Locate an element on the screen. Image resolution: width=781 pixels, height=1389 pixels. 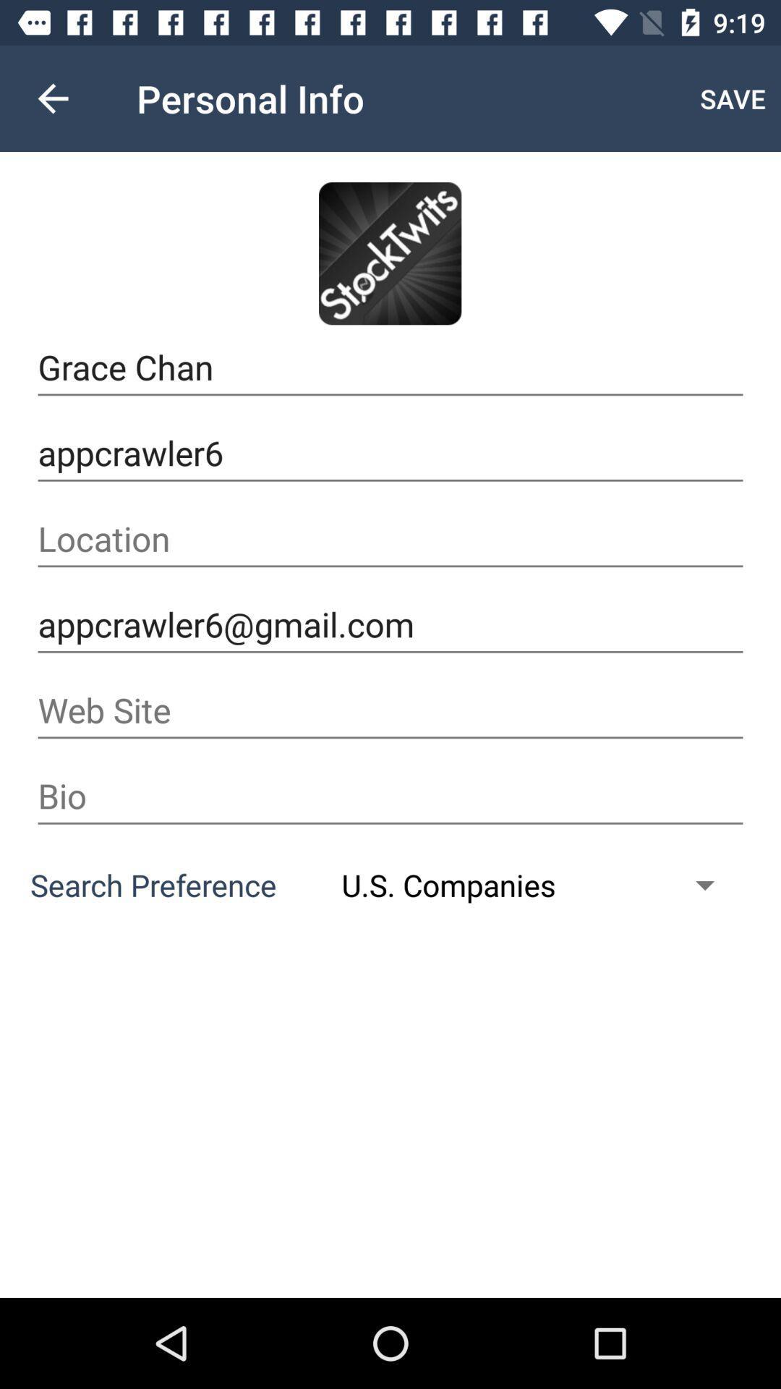
the item below the appcrawler6@gmail.com item is located at coordinates (390, 710).